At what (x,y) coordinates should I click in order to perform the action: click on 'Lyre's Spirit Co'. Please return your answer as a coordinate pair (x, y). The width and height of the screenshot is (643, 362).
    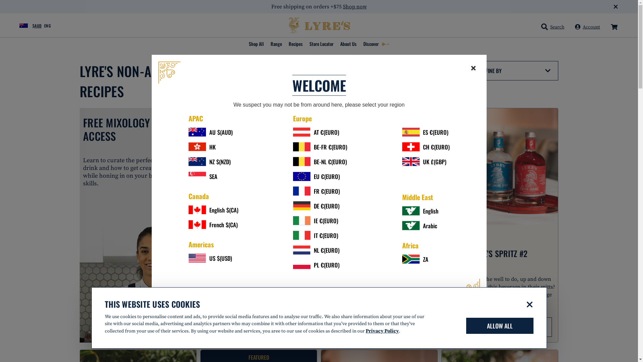
    Looking at the image, I should click on (288, 25).